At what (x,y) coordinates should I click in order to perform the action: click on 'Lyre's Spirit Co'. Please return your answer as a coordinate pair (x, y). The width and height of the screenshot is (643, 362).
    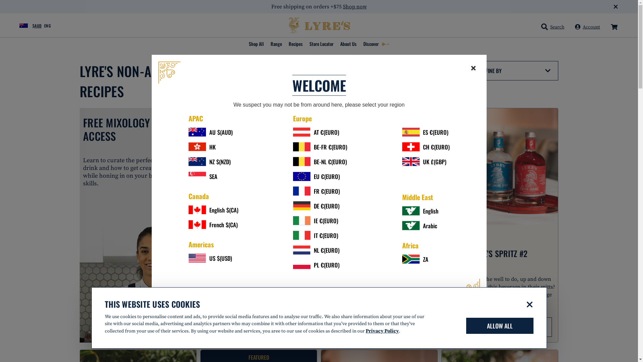
    Looking at the image, I should click on (288, 25).